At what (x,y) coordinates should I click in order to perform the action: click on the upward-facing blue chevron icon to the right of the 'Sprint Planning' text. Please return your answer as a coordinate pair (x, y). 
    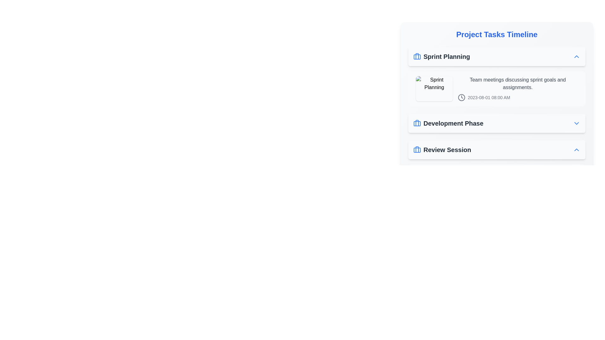
    Looking at the image, I should click on (576, 57).